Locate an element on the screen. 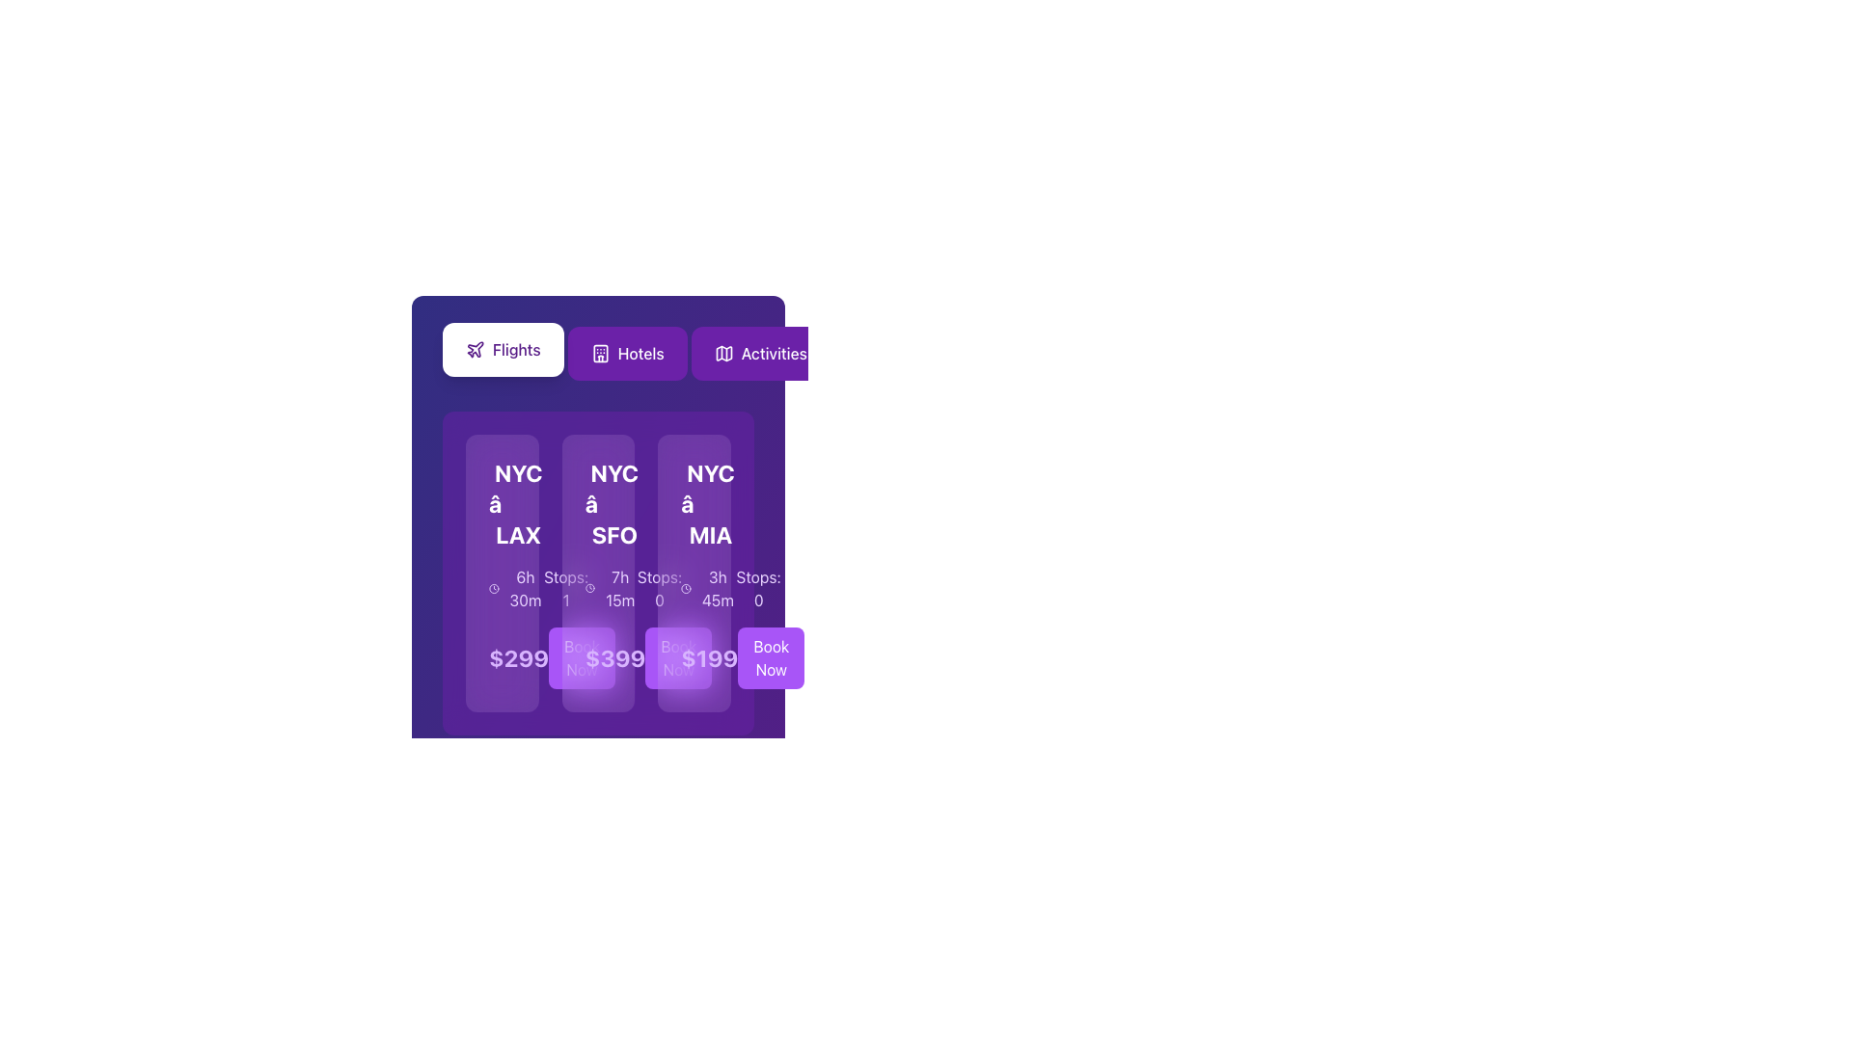 This screenshot has height=1041, width=1852. the text label displaying 'NYC â→ LAX' by keyboard navigation is located at coordinates (518, 503).